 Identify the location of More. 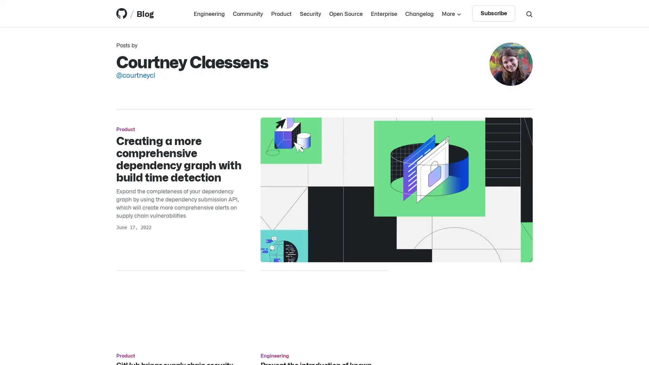
(452, 13).